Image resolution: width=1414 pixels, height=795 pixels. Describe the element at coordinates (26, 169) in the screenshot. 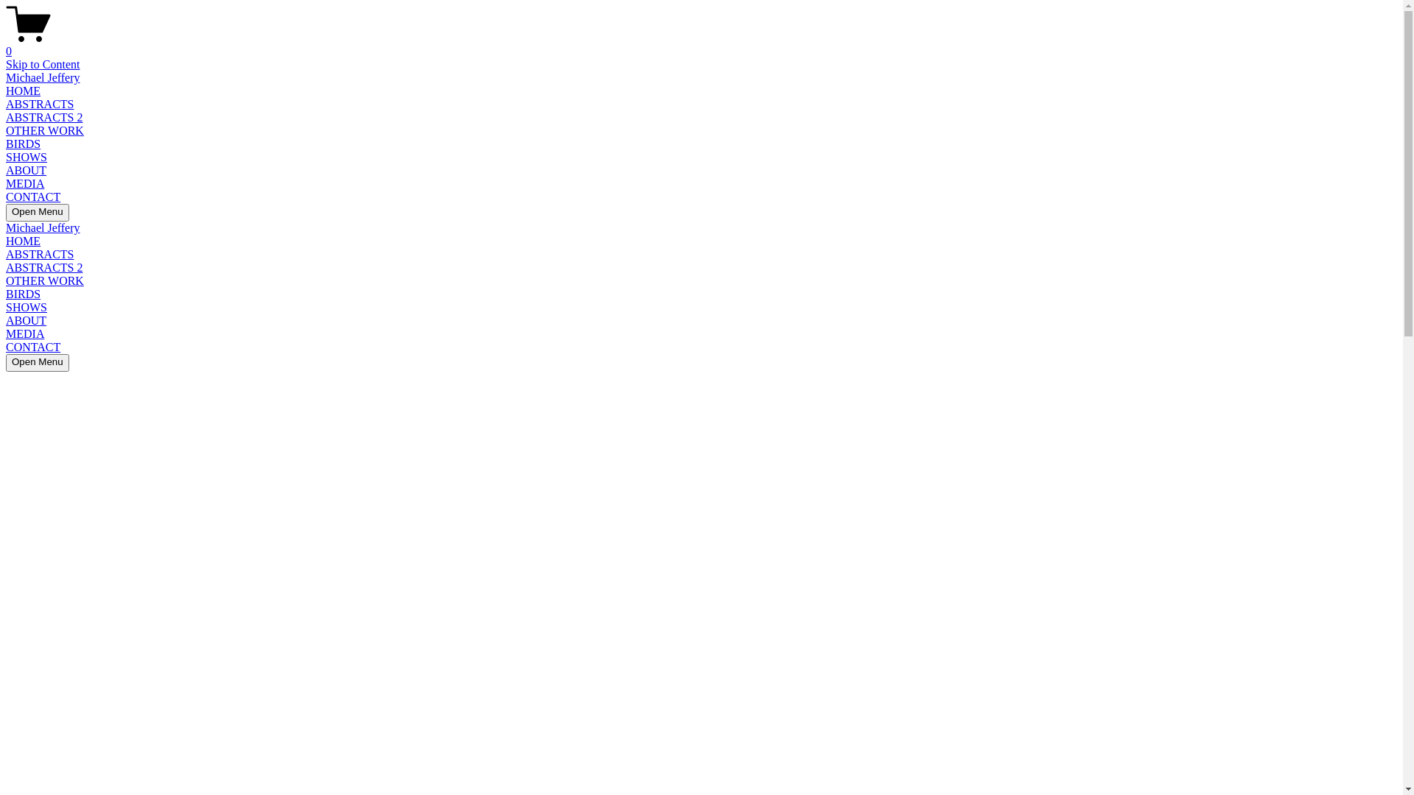

I see `'ABOUT'` at that location.